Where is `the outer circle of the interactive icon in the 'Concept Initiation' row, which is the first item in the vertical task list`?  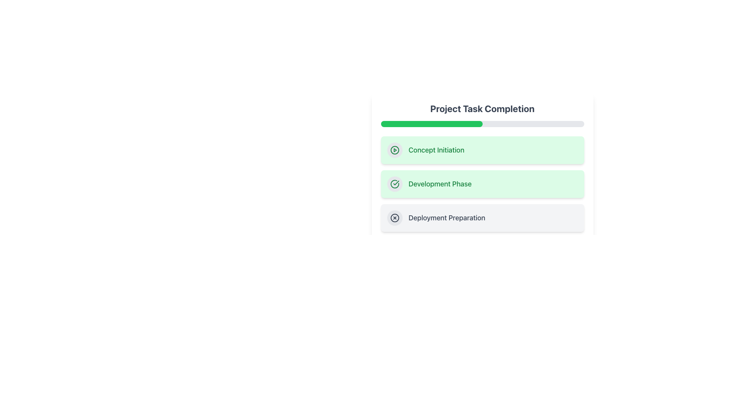
the outer circle of the interactive icon in the 'Concept Initiation' row, which is the first item in the vertical task list is located at coordinates (395, 150).